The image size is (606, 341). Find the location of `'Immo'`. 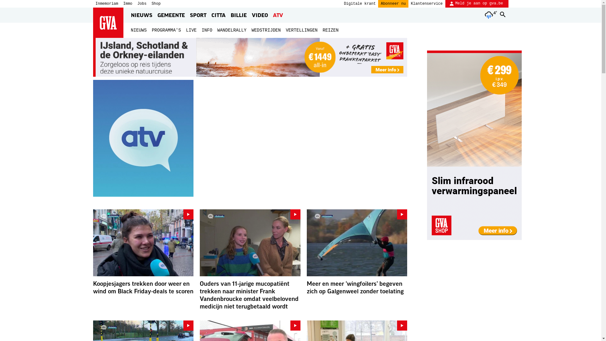

'Immo' is located at coordinates (123, 3).